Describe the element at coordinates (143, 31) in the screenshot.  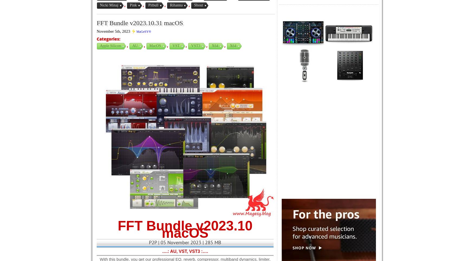
I see `'MaGeSY®'` at that location.